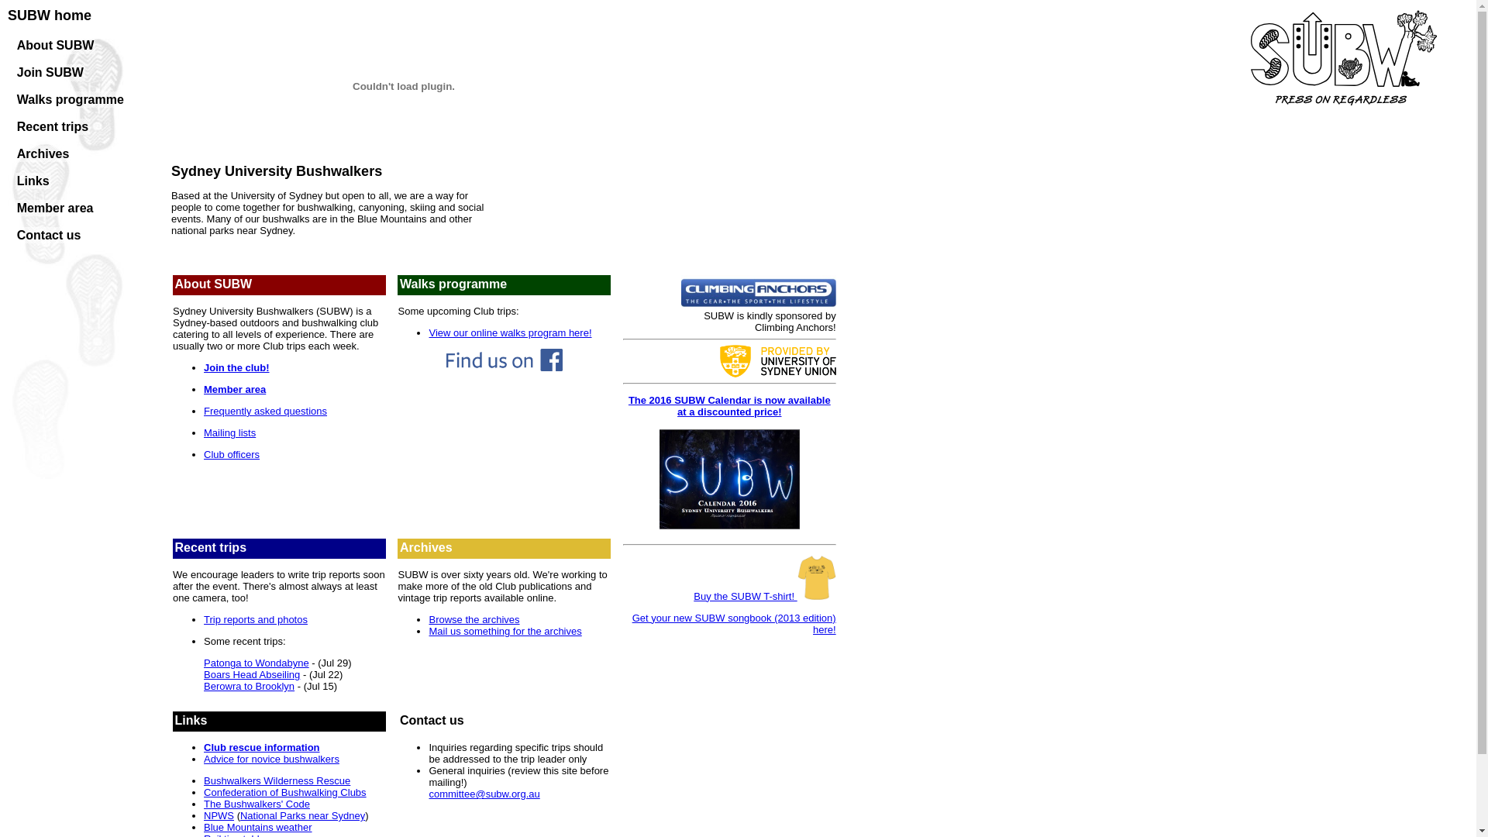 The height and width of the screenshot is (837, 1488). I want to click on 'Berowra to Brooklyn', so click(249, 685).